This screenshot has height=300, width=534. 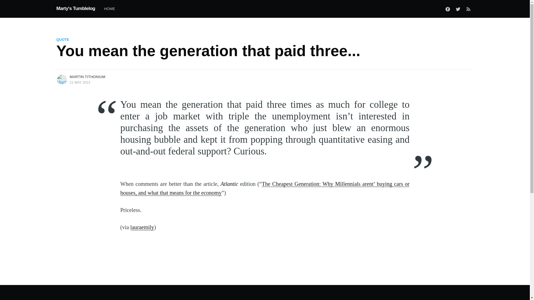 I want to click on 'lauraemily', so click(x=142, y=227).